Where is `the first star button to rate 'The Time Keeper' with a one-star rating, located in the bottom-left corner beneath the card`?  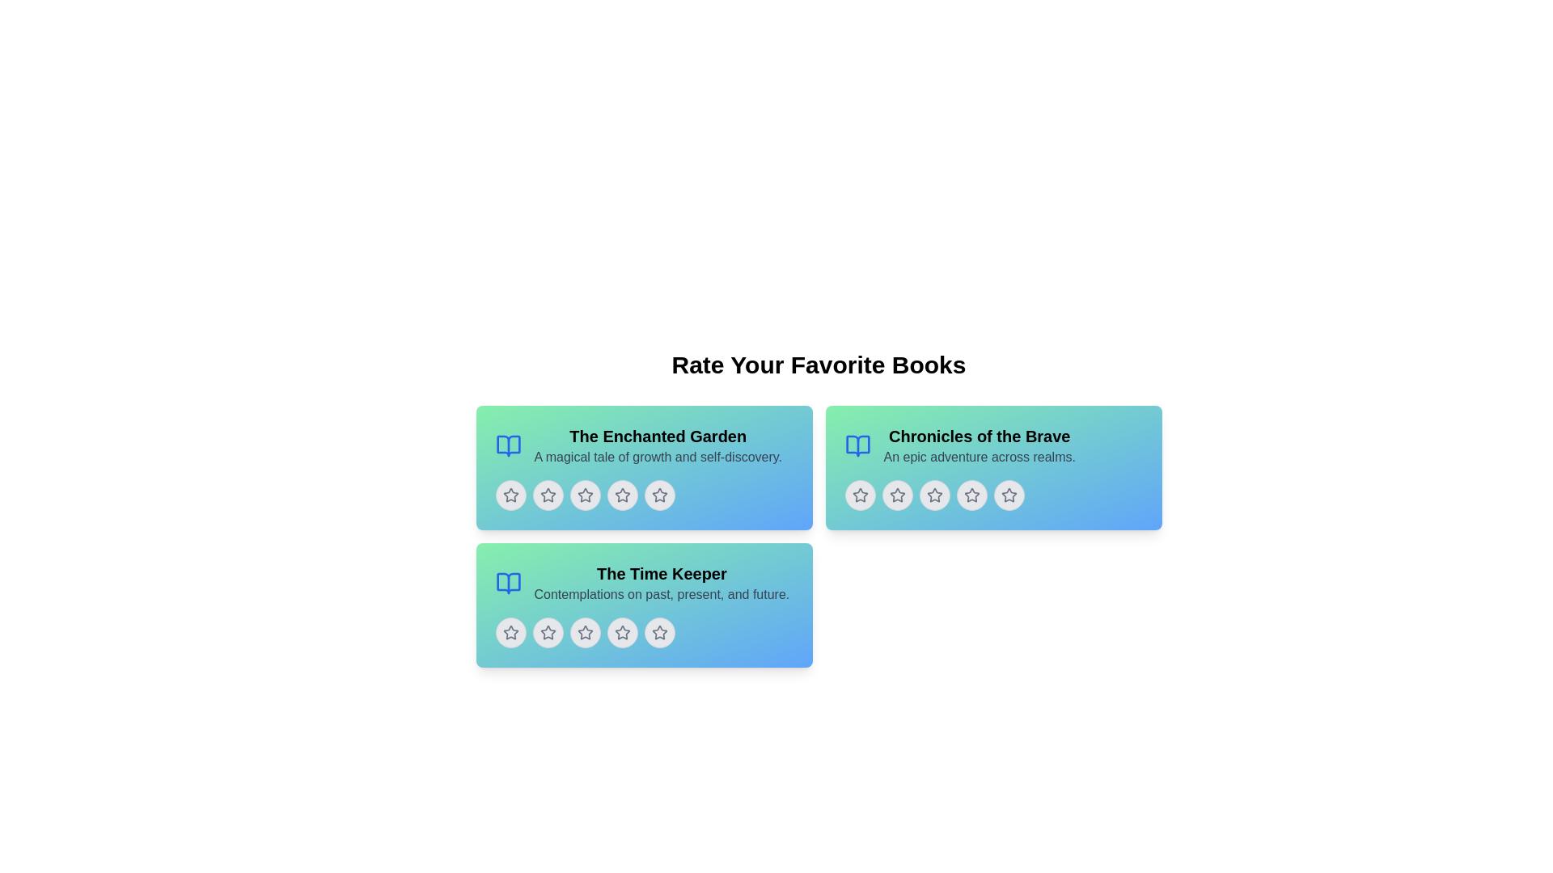
the first star button to rate 'The Time Keeper' with a one-star rating, located in the bottom-left corner beneath the card is located at coordinates (510, 632).